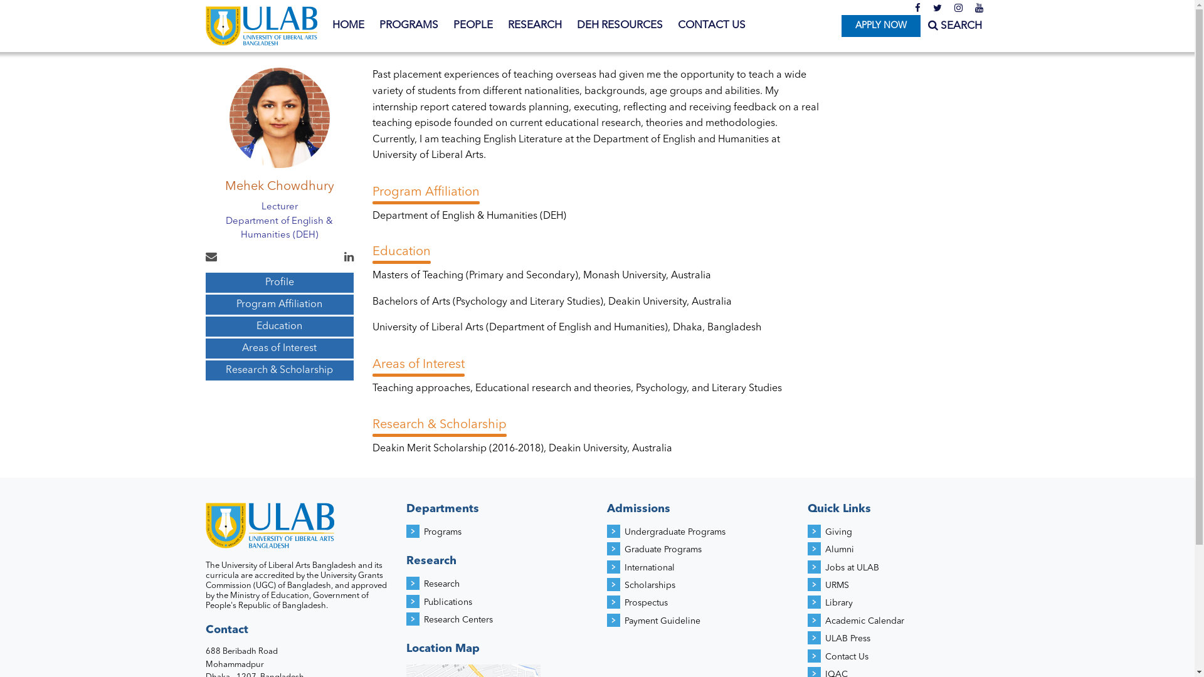  Describe the element at coordinates (927, 26) in the screenshot. I see `'SEARCH'` at that location.